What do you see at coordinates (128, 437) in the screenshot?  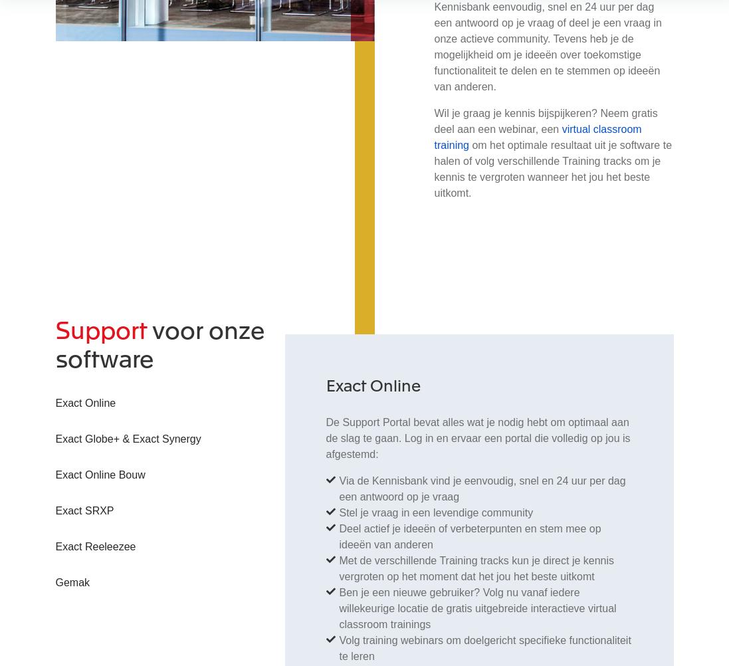 I see `'Exact Globe+ & Exact Synergy'` at bounding box center [128, 437].